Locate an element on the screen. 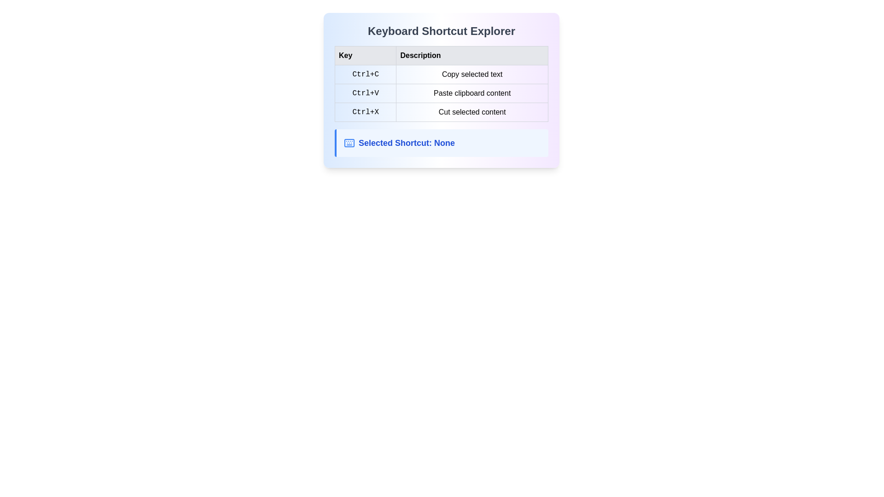  the label that describes the function of the shortcut 'Ctrl+C', which indicates 'Copy selected text'. This label is found in the Key-Description table under the 'Description' column, in the first row corresponding to 'Ctrl+C' is located at coordinates (472, 74).